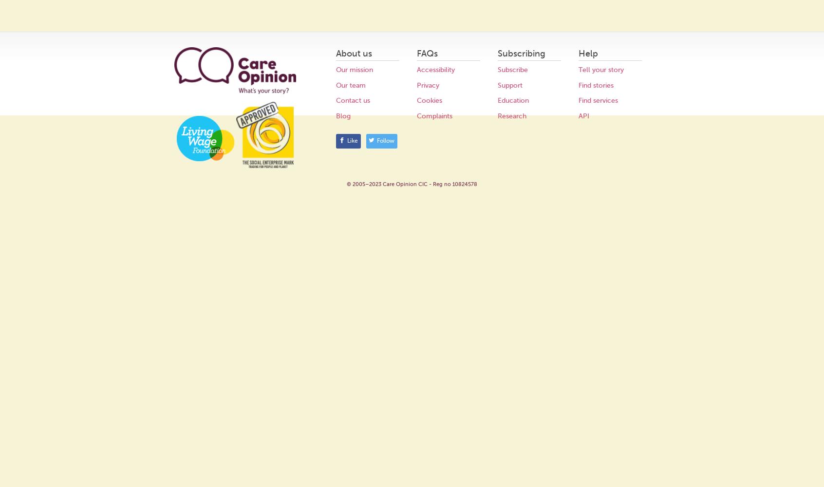 This screenshot has width=824, height=487. Describe the element at coordinates (346, 184) in the screenshot. I see `'© 2005–2023 Care Opinion CIC - Reg no 10824578'` at that location.